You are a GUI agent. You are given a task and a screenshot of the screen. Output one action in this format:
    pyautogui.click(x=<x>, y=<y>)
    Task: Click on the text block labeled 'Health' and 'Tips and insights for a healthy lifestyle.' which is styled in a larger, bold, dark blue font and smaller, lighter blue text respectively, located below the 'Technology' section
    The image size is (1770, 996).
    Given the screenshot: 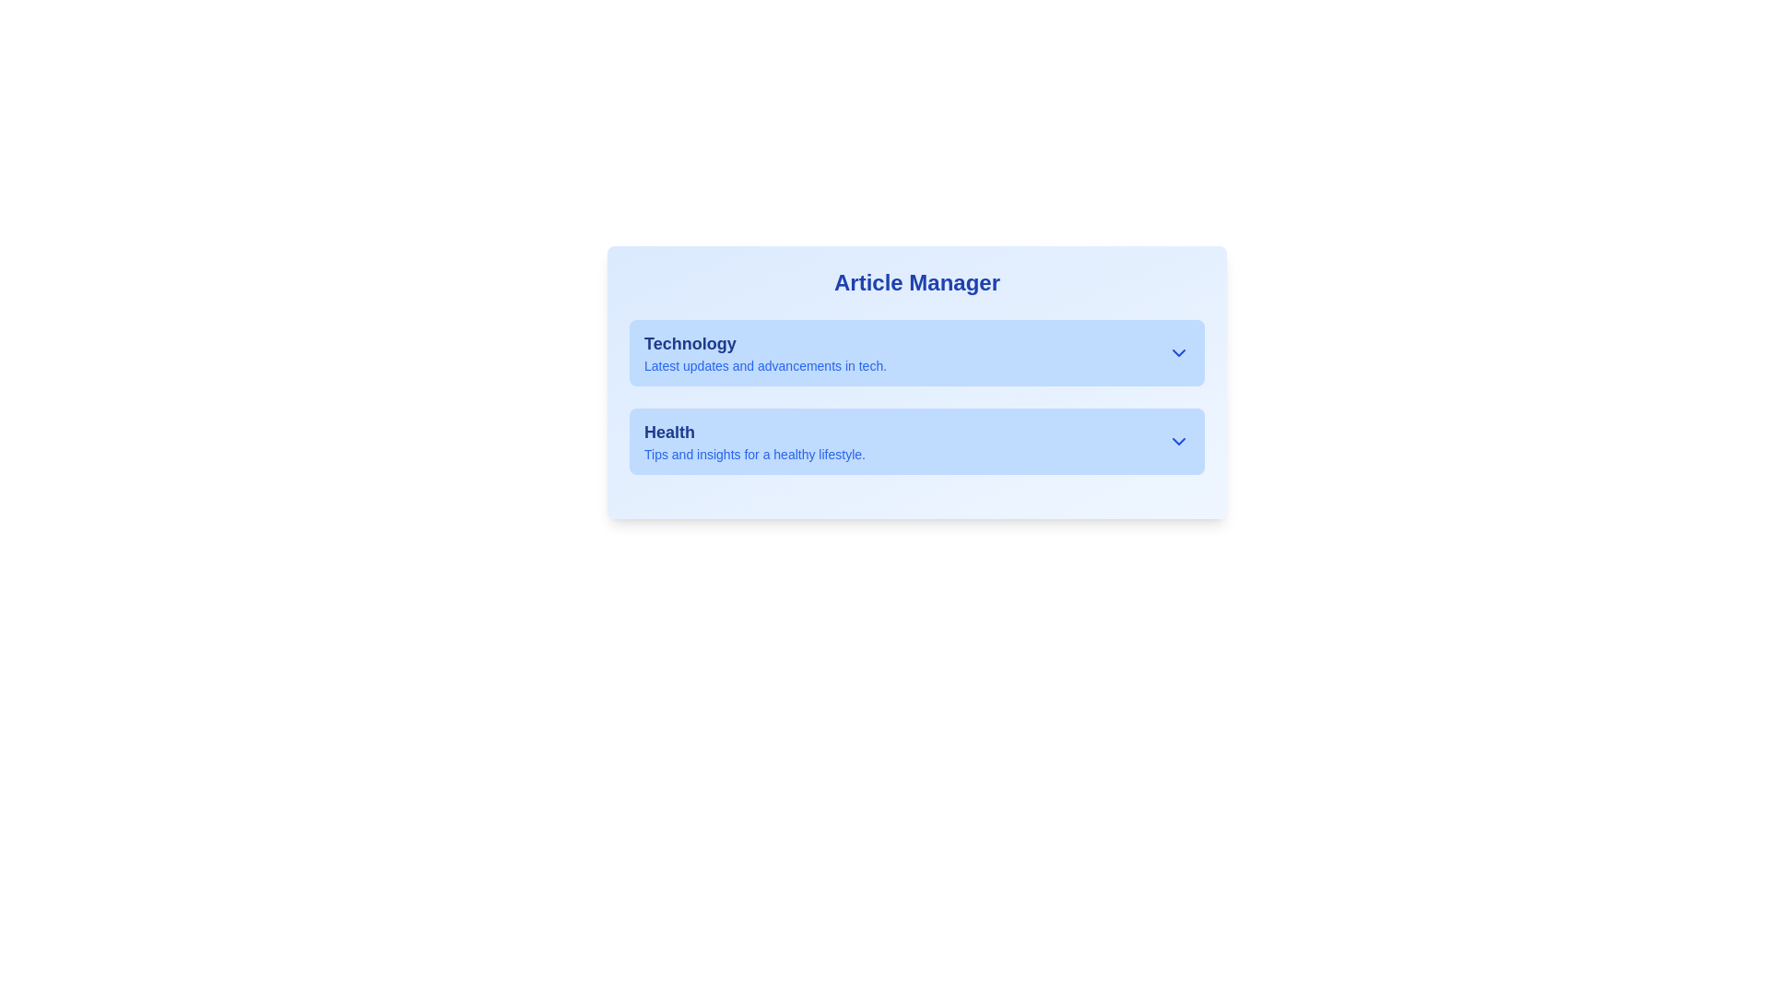 What is the action you would take?
    pyautogui.click(x=754, y=441)
    